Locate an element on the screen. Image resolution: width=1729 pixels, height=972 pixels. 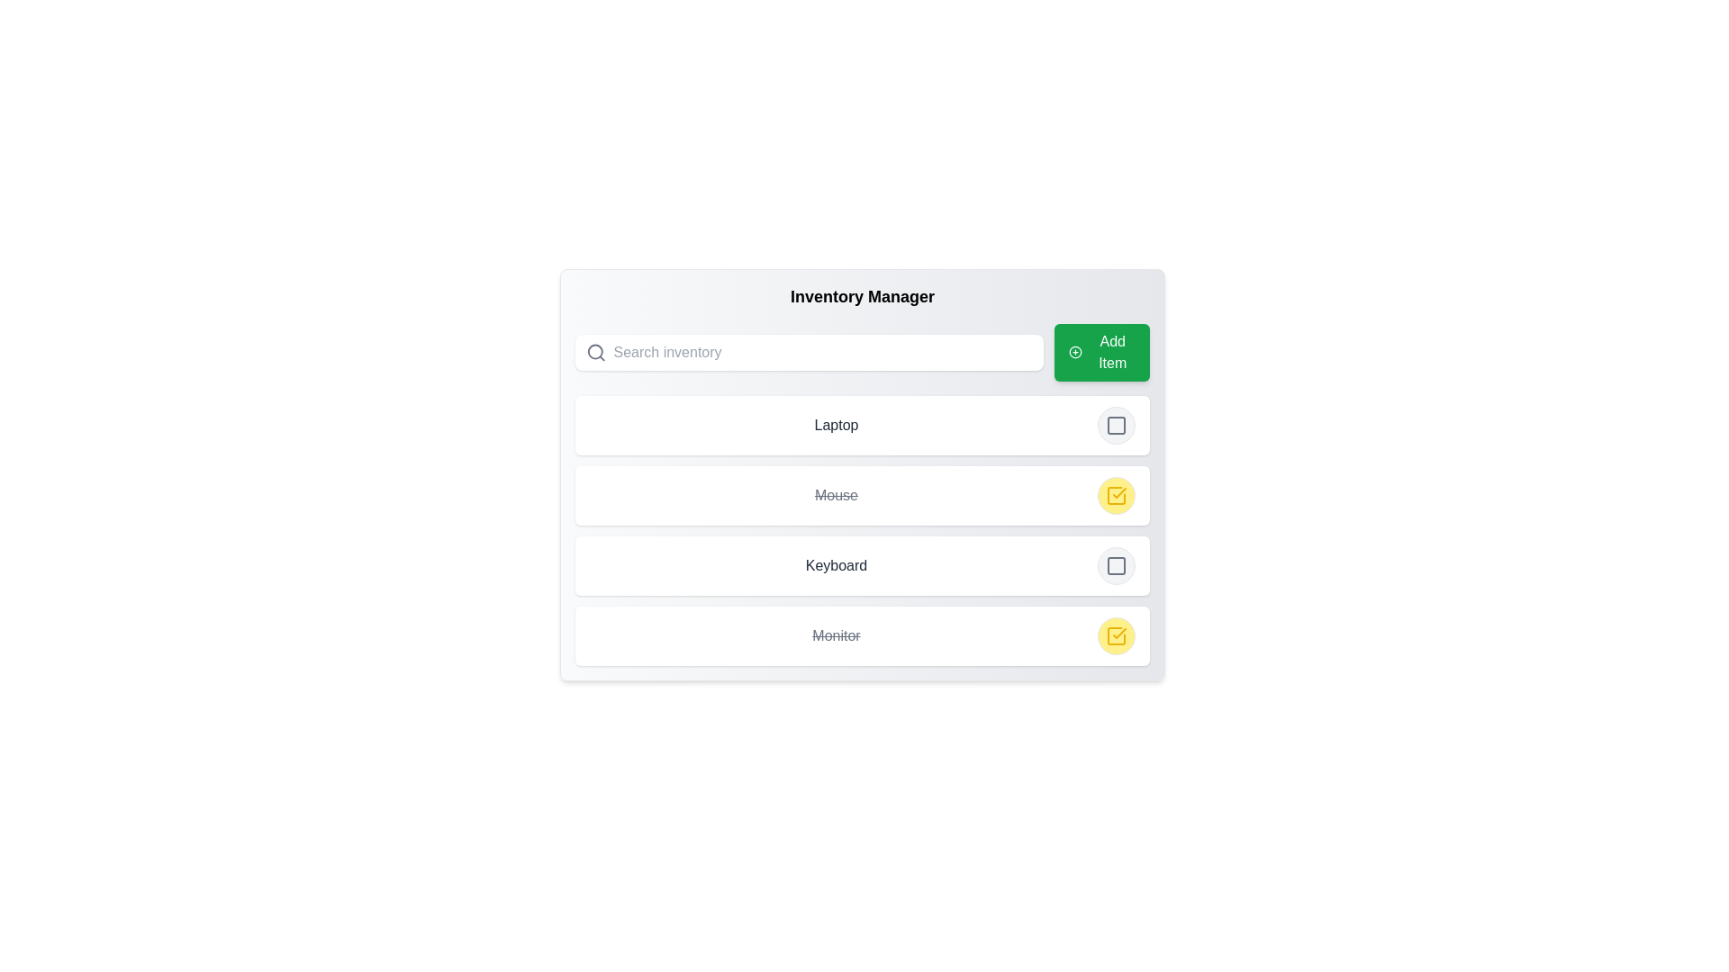
the text label in the fourth row of the inventory list that indicates an inactive or unavailable item, which has a line-through text style is located at coordinates (836, 634).